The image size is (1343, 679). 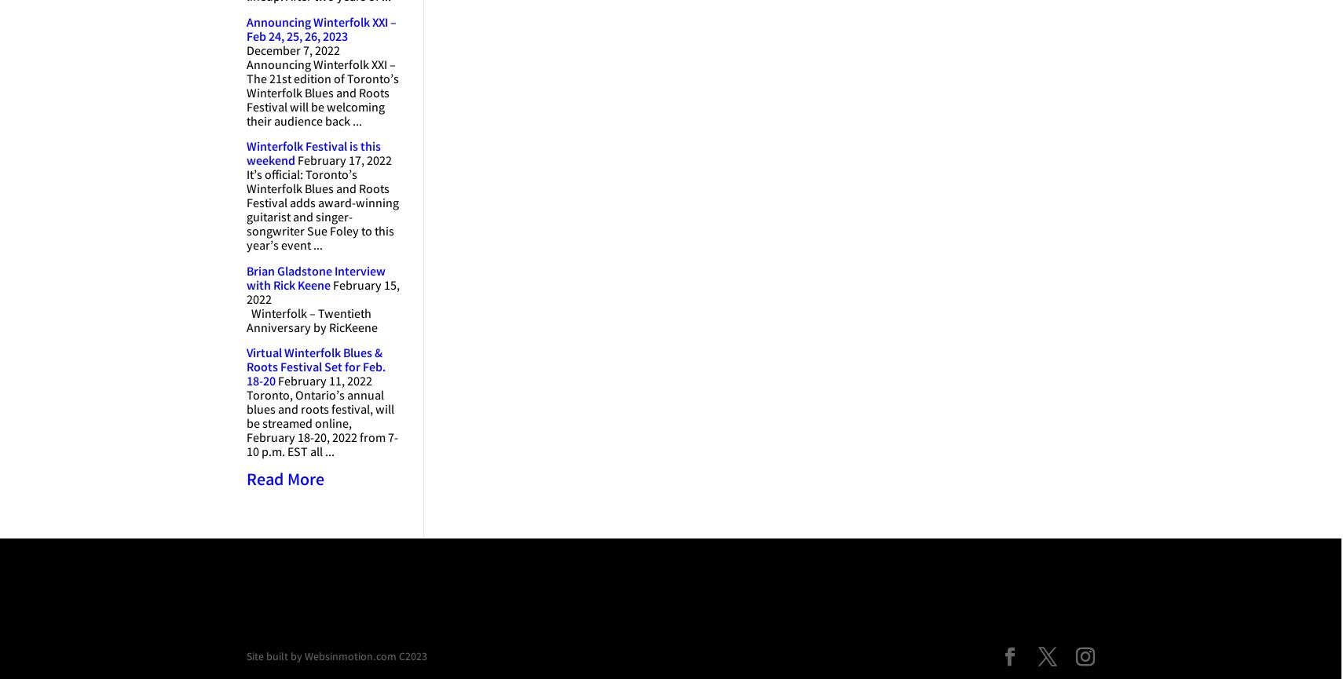 I want to click on 'December 7, 2022', so click(x=292, y=51).